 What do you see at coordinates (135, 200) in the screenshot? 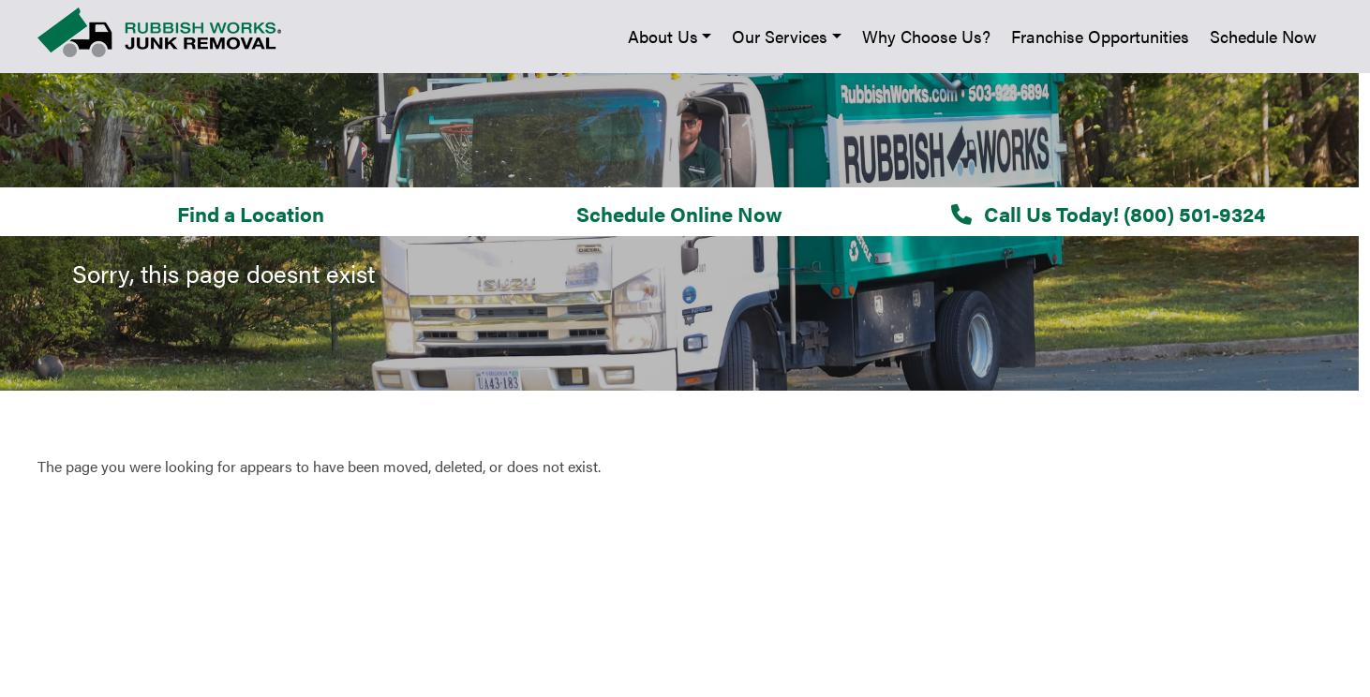
I see `'Schedule Now!'` at bounding box center [135, 200].